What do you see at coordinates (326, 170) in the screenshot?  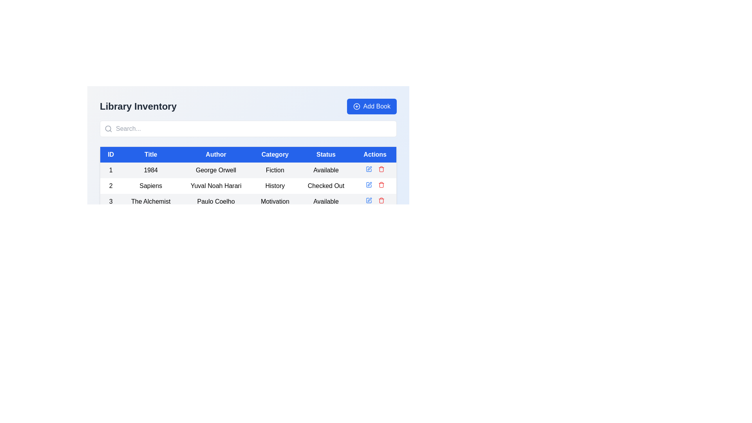 I see `the Text label that displays the availability status of the book '1984' by George Orwell, located in the fifth column of the first data row under the 'Status' header` at bounding box center [326, 170].